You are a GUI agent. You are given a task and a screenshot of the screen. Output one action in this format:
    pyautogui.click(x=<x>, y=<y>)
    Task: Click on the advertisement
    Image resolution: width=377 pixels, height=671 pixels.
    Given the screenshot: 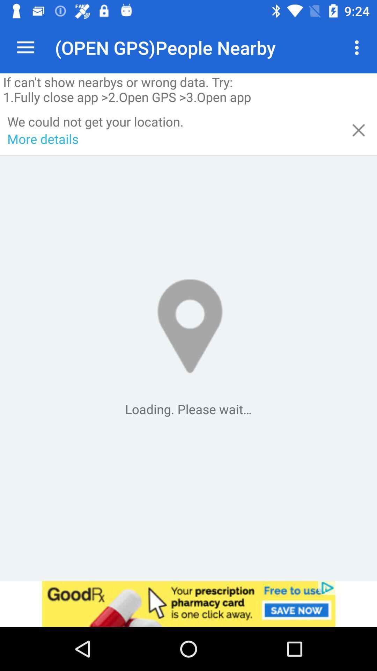 What is the action you would take?
    pyautogui.click(x=188, y=604)
    